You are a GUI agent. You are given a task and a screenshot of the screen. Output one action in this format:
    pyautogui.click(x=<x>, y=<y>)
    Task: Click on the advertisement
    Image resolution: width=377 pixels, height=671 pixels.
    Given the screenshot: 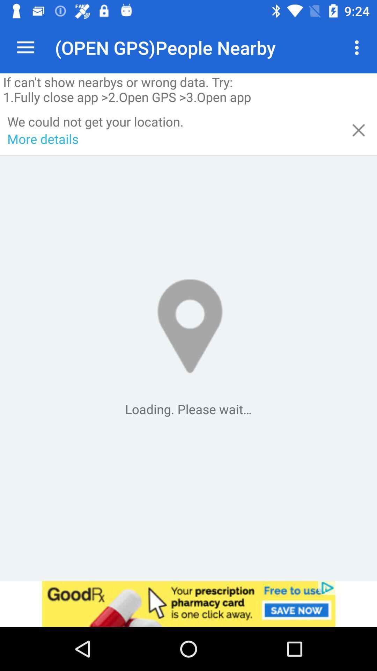 What is the action you would take?
    pyautogui.click(x=188, y=604)
    